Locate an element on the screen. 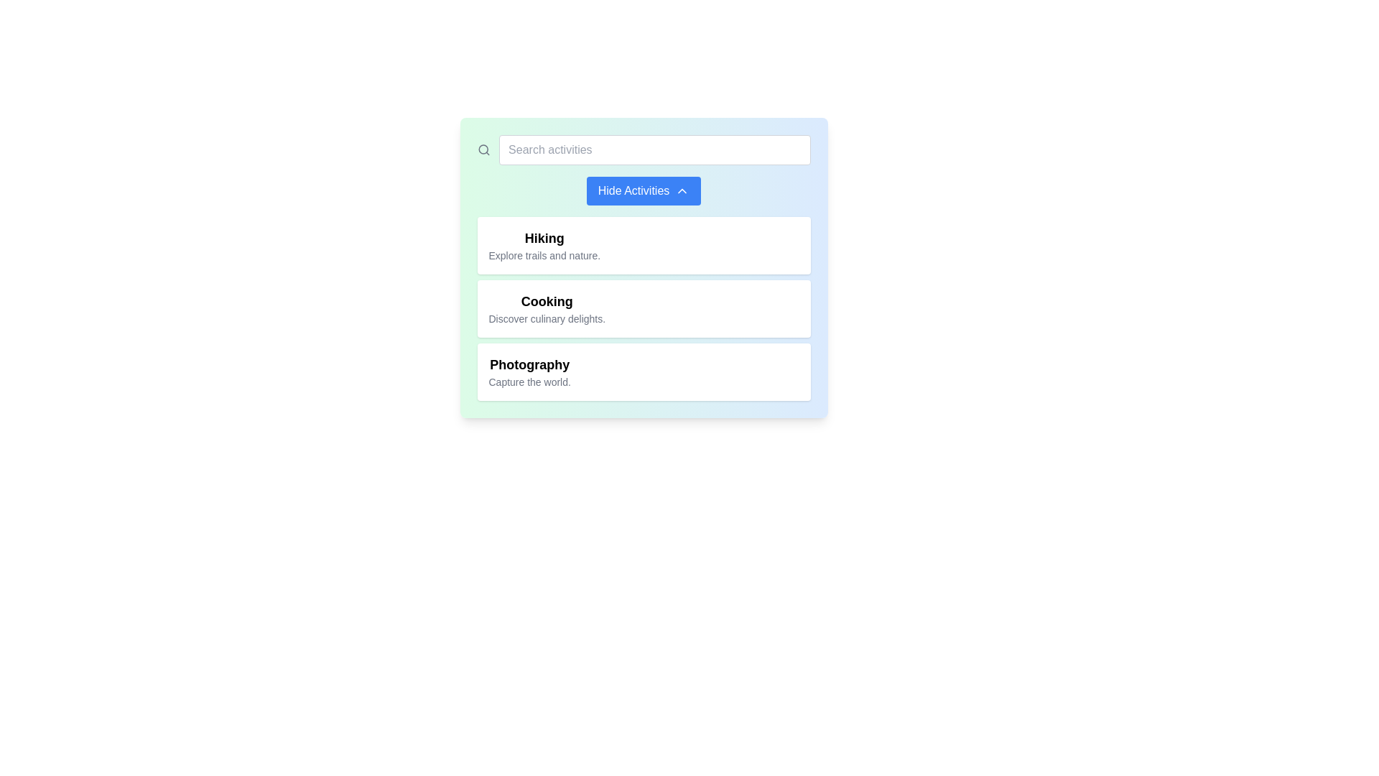 This screenshot has height=776, width=1379. description of the 'Photography' activity label located in the third section of the card-like list, positioned below 'Cooking' is located at coordinates (529, 371).